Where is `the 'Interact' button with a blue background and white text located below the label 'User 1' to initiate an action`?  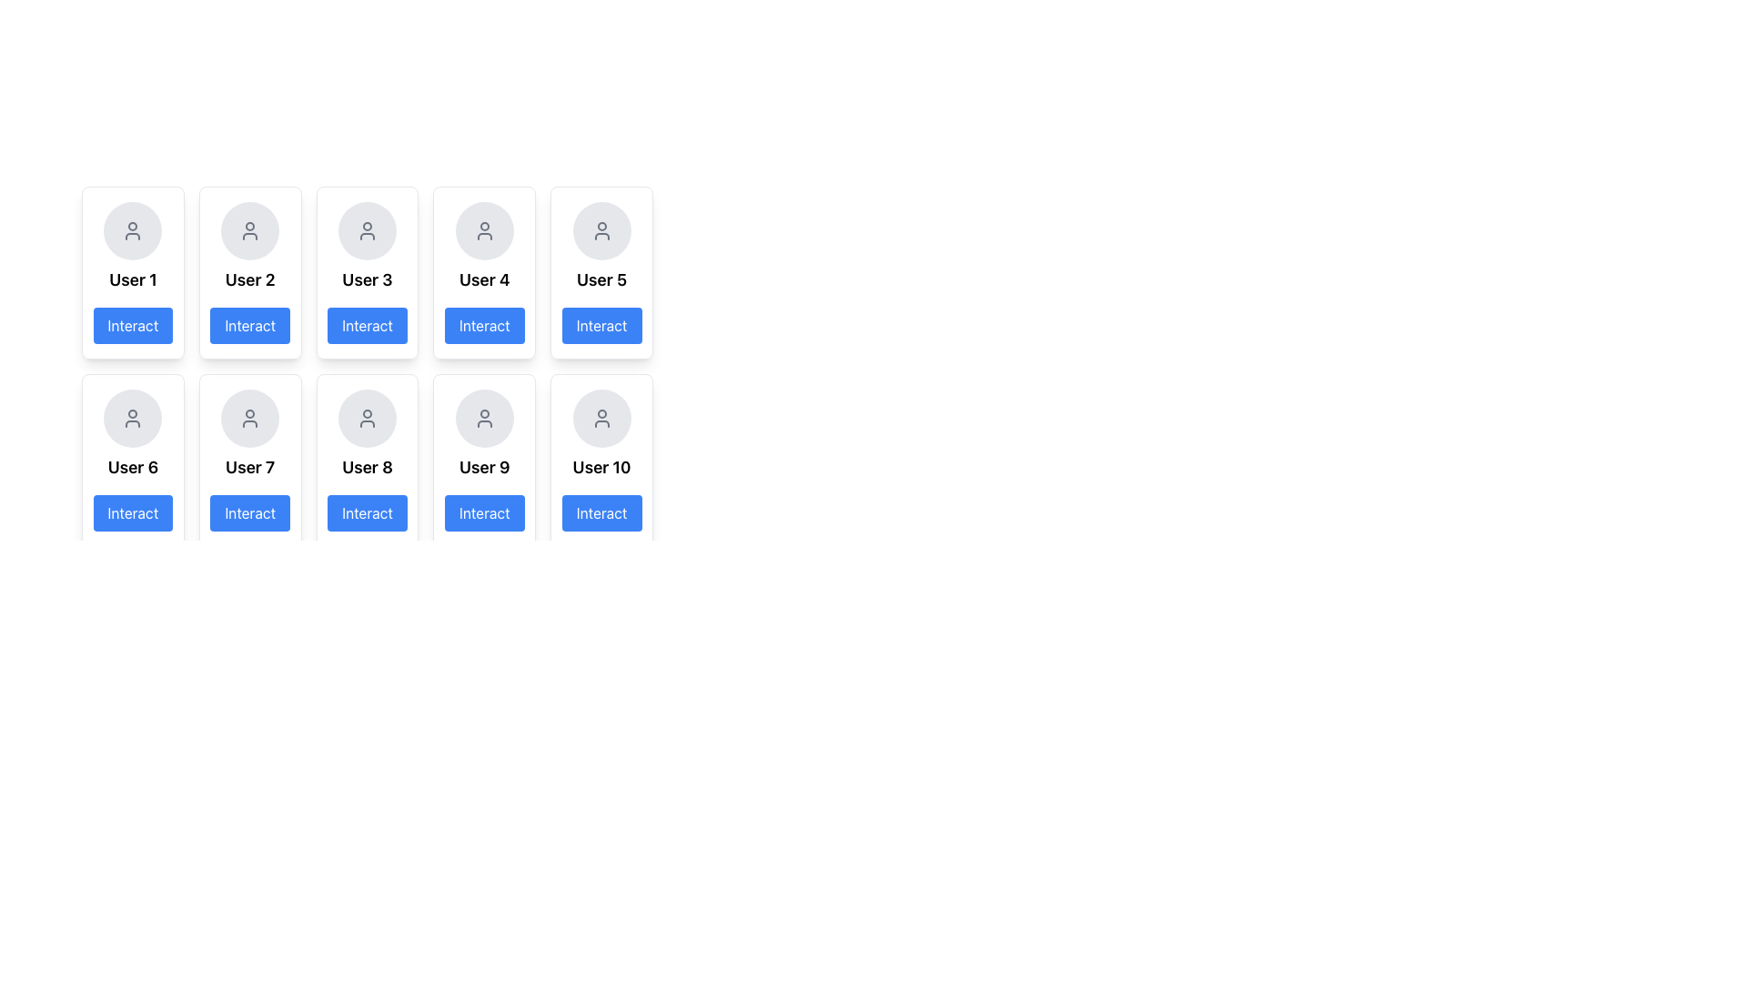
the 'Interact' button with a blue background and white text located below the label 'User 1' to initiate an action is located at coordinates (132, 325).